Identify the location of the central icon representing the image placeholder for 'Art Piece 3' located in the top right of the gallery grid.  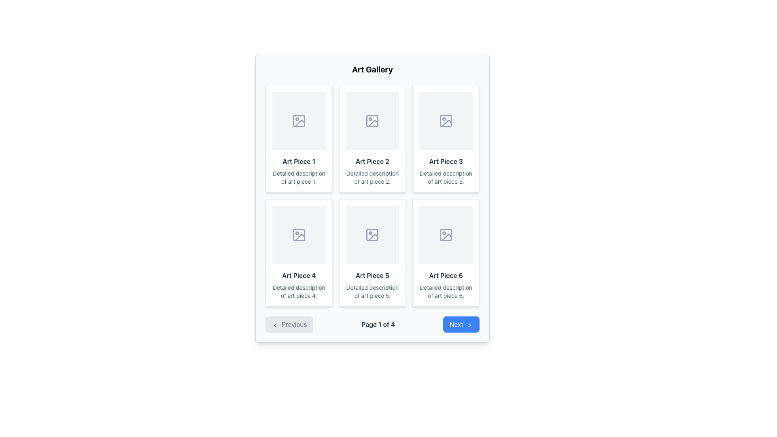
(446, 121).